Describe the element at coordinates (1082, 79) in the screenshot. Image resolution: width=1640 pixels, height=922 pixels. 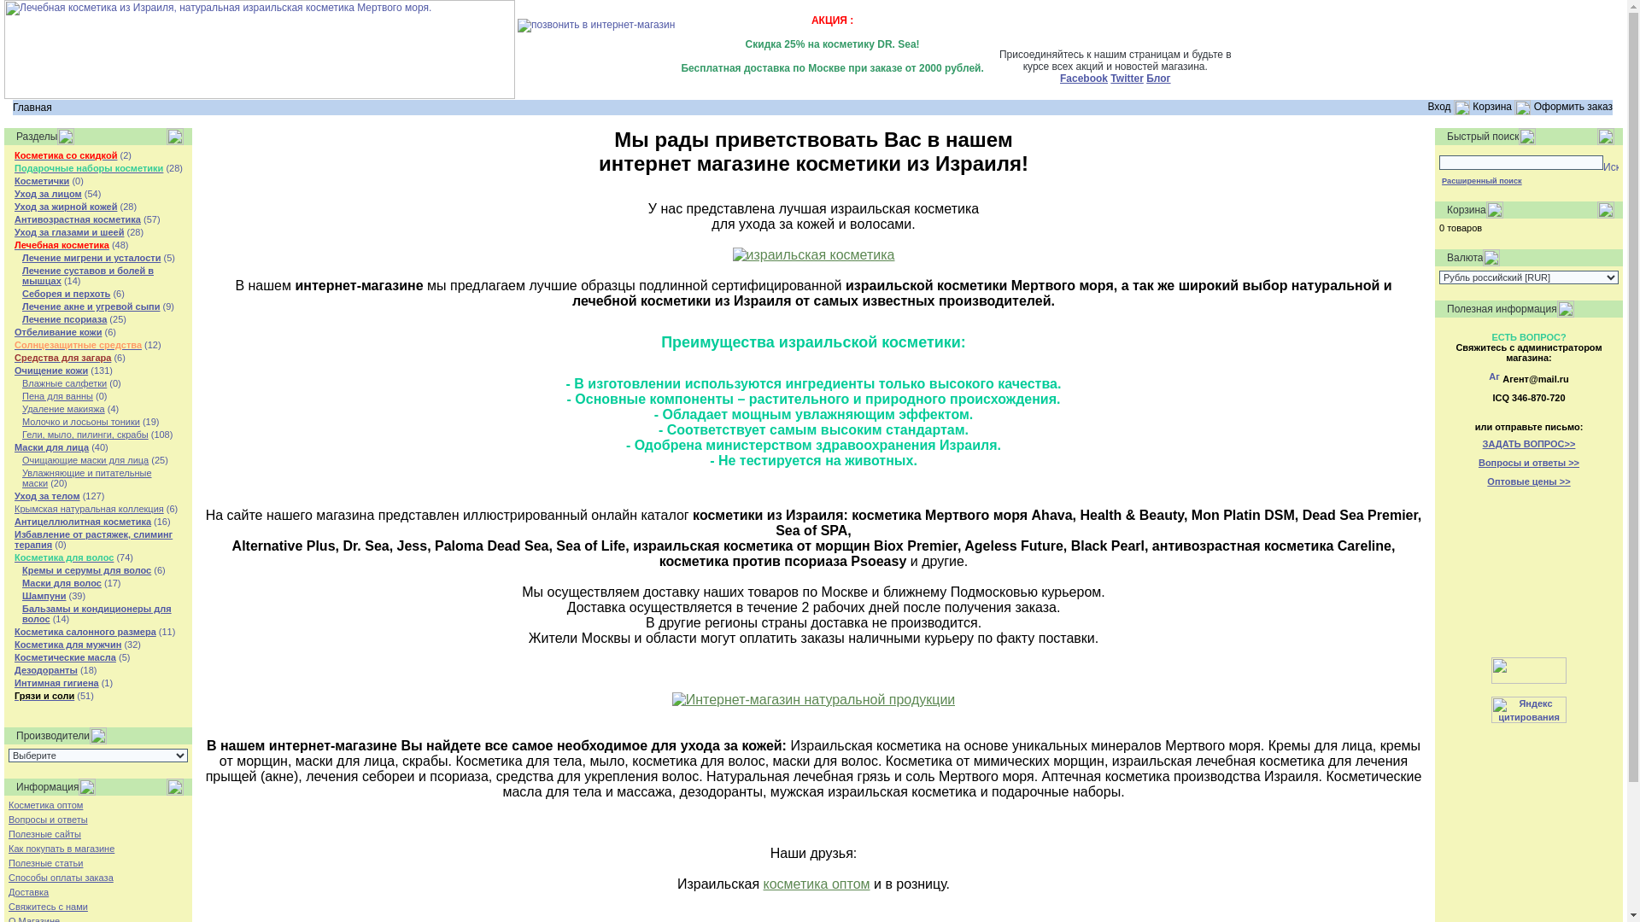
I see `'Facebook'` at that location.